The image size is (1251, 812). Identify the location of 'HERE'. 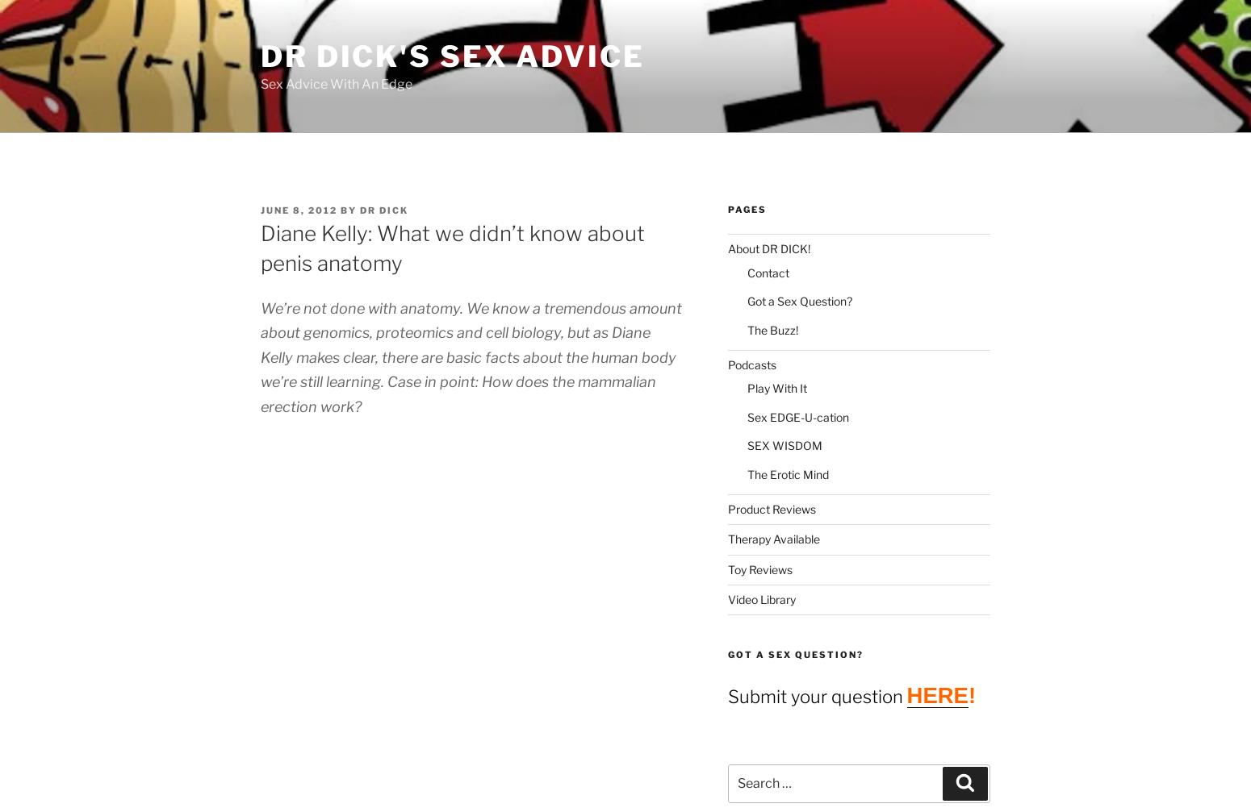
(935, 693).